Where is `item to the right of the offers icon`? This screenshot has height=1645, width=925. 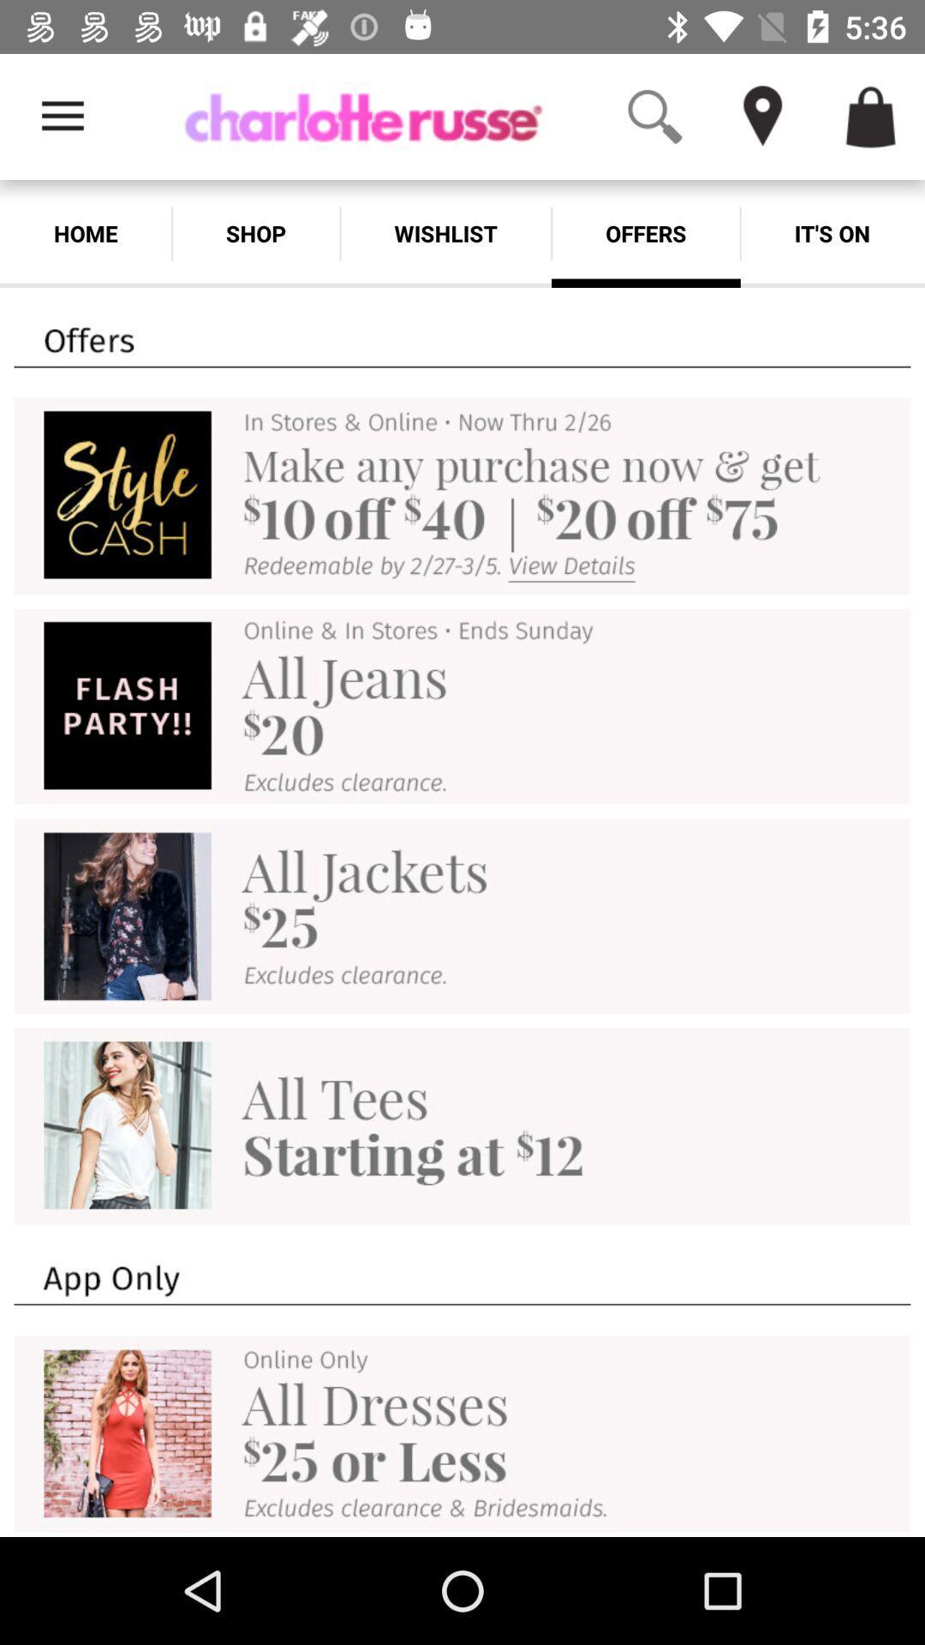 item to the right of the offers icon is located at coordinates (832, 233).